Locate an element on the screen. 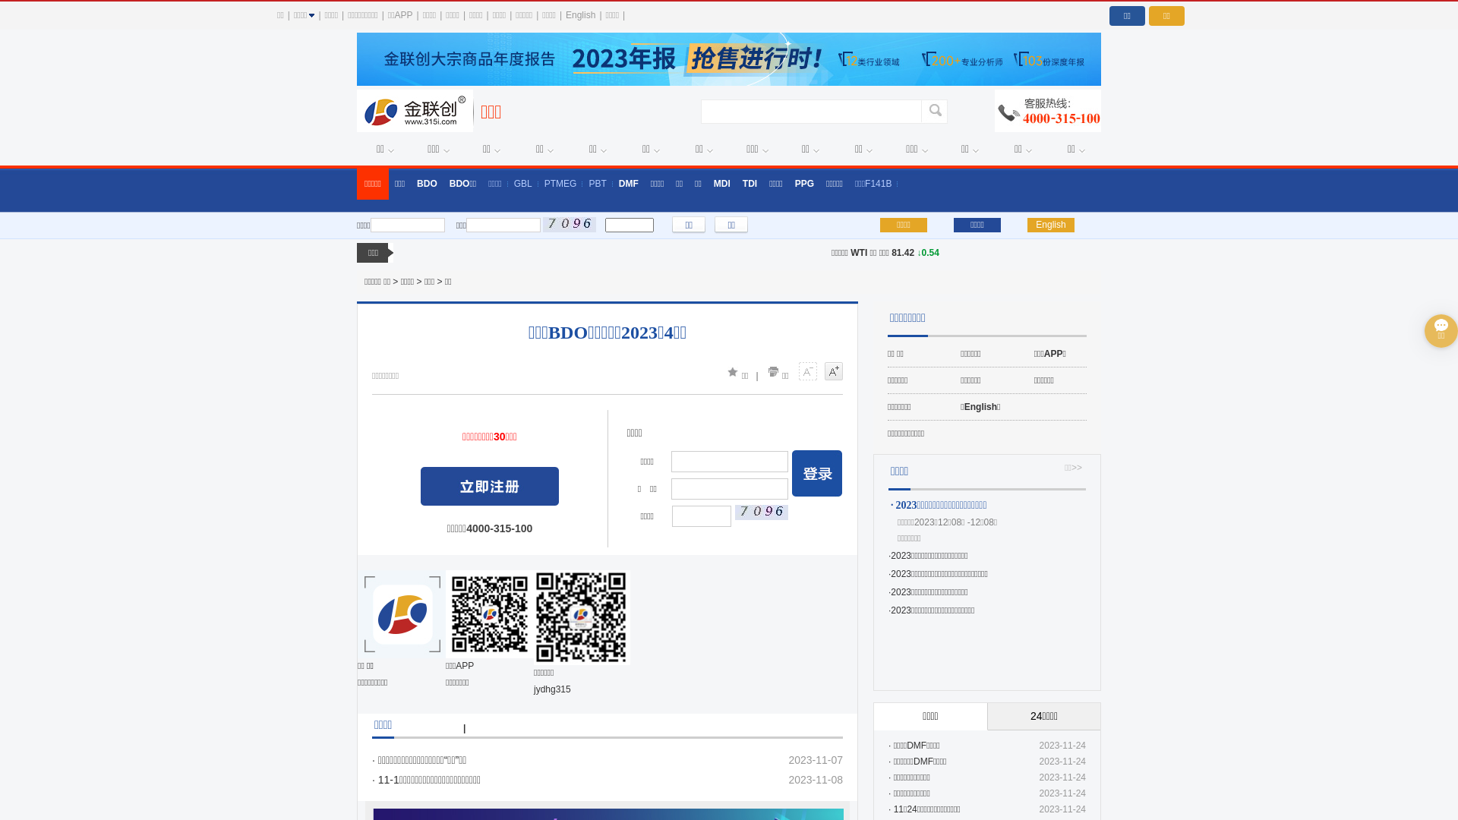 The height and width of the screenshot is (820, 1458). 'BDO' is located at coordinates (426, 183).